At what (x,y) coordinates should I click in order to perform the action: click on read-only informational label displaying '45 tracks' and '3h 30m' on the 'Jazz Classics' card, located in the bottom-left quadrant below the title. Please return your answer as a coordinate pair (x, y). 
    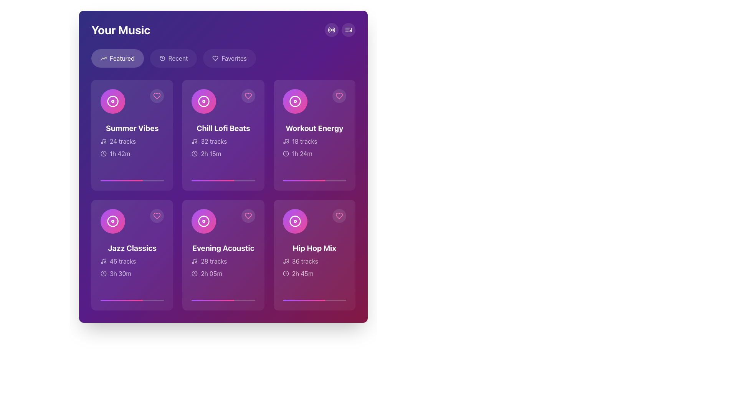
    Looking at the image, I should click on (132, 267).